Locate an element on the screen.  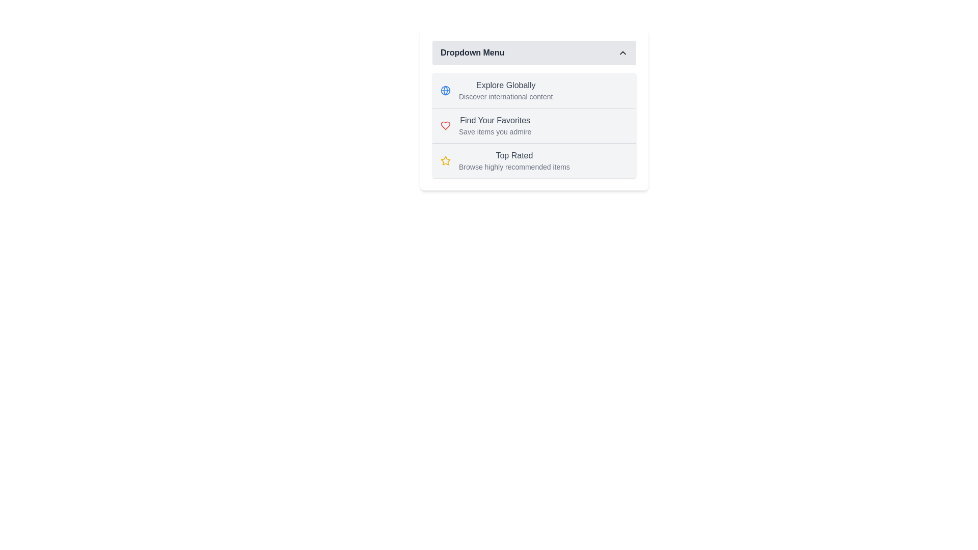
the Text Label at the top of the dropdown menu that serves as a title or label for the respective menu item is located at coordinates (506, 85).